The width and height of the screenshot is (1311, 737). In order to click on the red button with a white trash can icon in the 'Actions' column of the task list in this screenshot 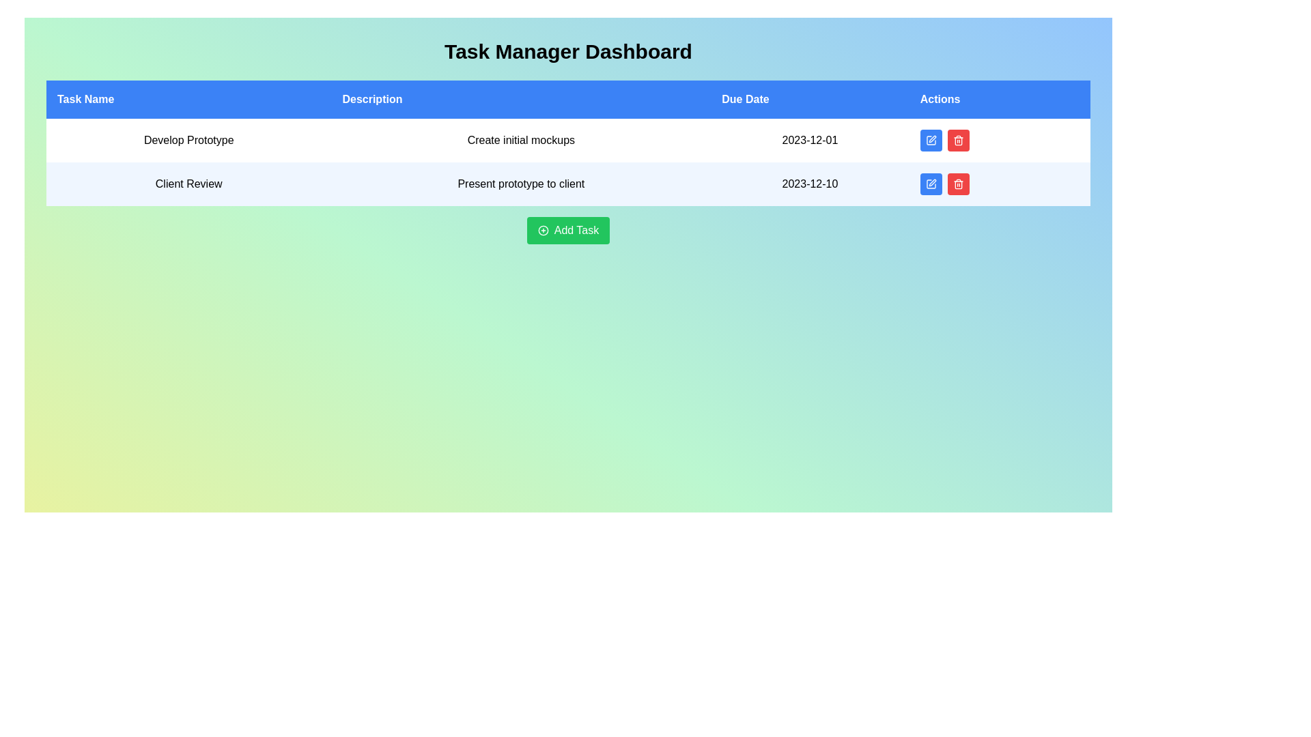, I will do `click(957, 140)`.